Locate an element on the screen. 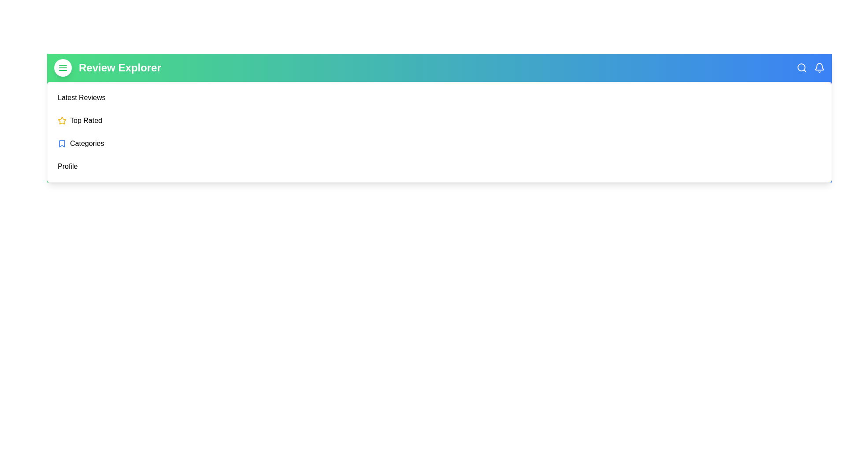 Image resolution: width=846 pixels, height=476 pixels. the notification icon to interact with it is located at coordinates (819, 67).